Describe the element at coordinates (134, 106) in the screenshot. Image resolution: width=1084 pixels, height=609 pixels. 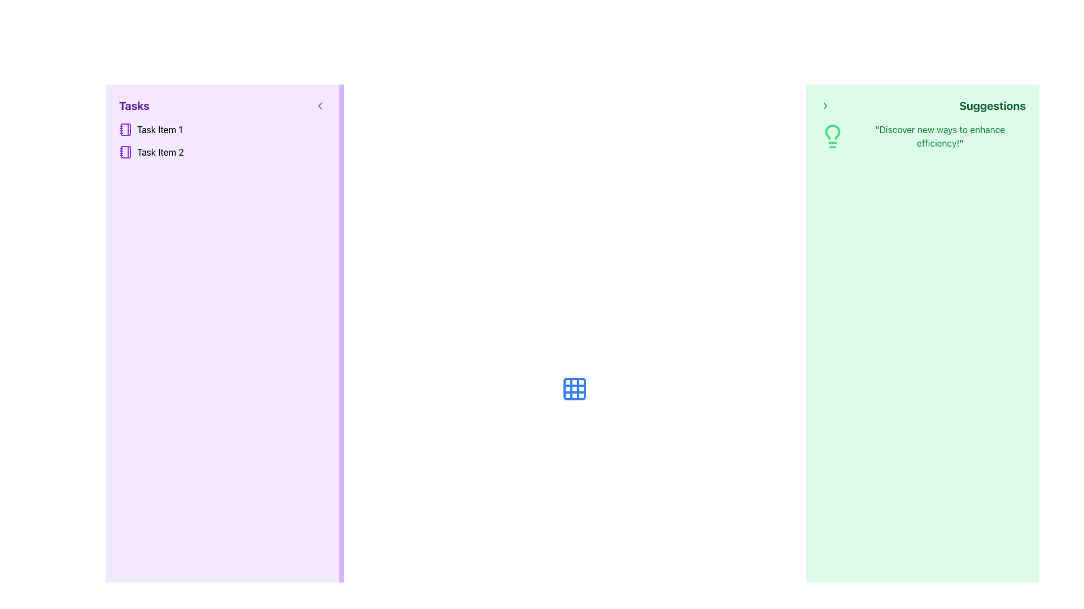
I see `the title text positioned at the top-left corner of the lavender-colored task panel, which is above a list of task items` at that location.